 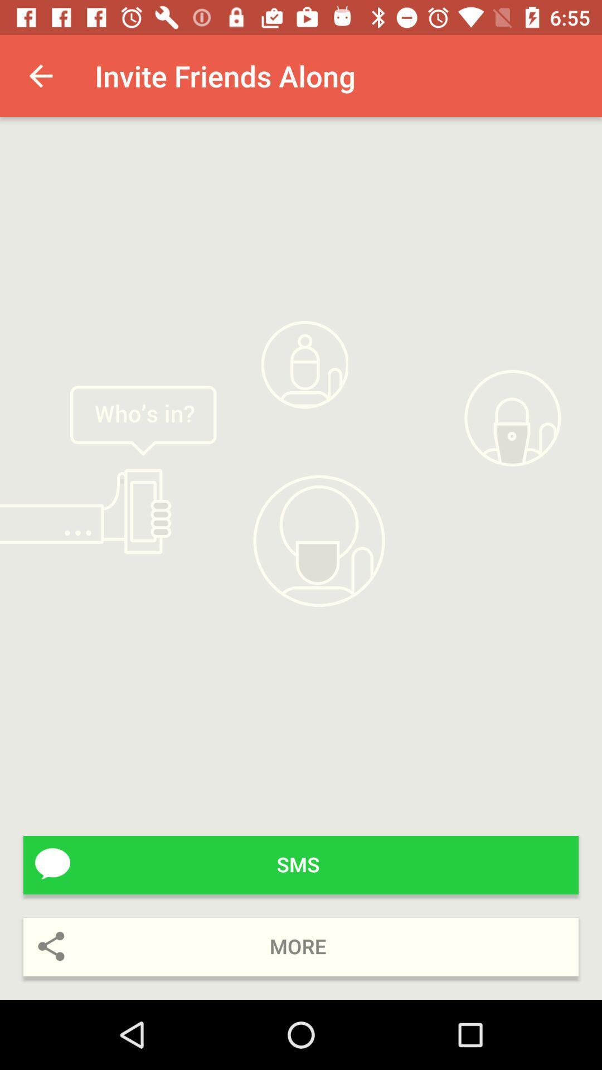 What do you see at coordinates (301, 864) in the screenshot?
I see `the sms` at bounding box center [301, 864].